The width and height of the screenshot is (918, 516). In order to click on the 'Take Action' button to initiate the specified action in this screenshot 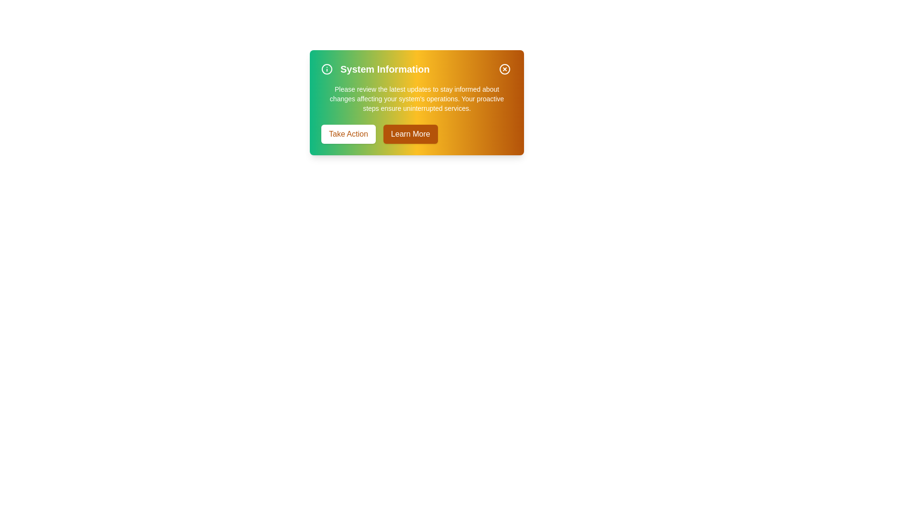, I will do `click(348, 134)`.